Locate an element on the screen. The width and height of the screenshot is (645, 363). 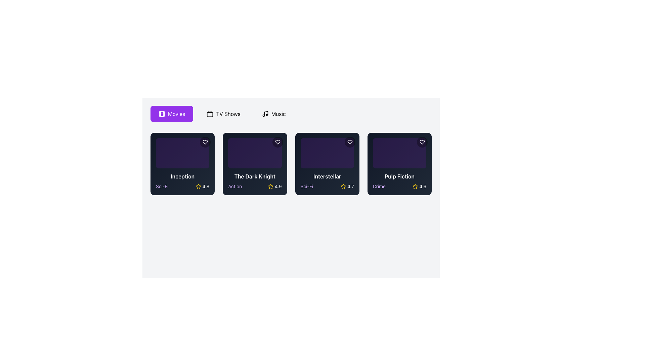
the heart icon located in the top-right corner of the 'Inception' card is located at coordinates (205, 142).